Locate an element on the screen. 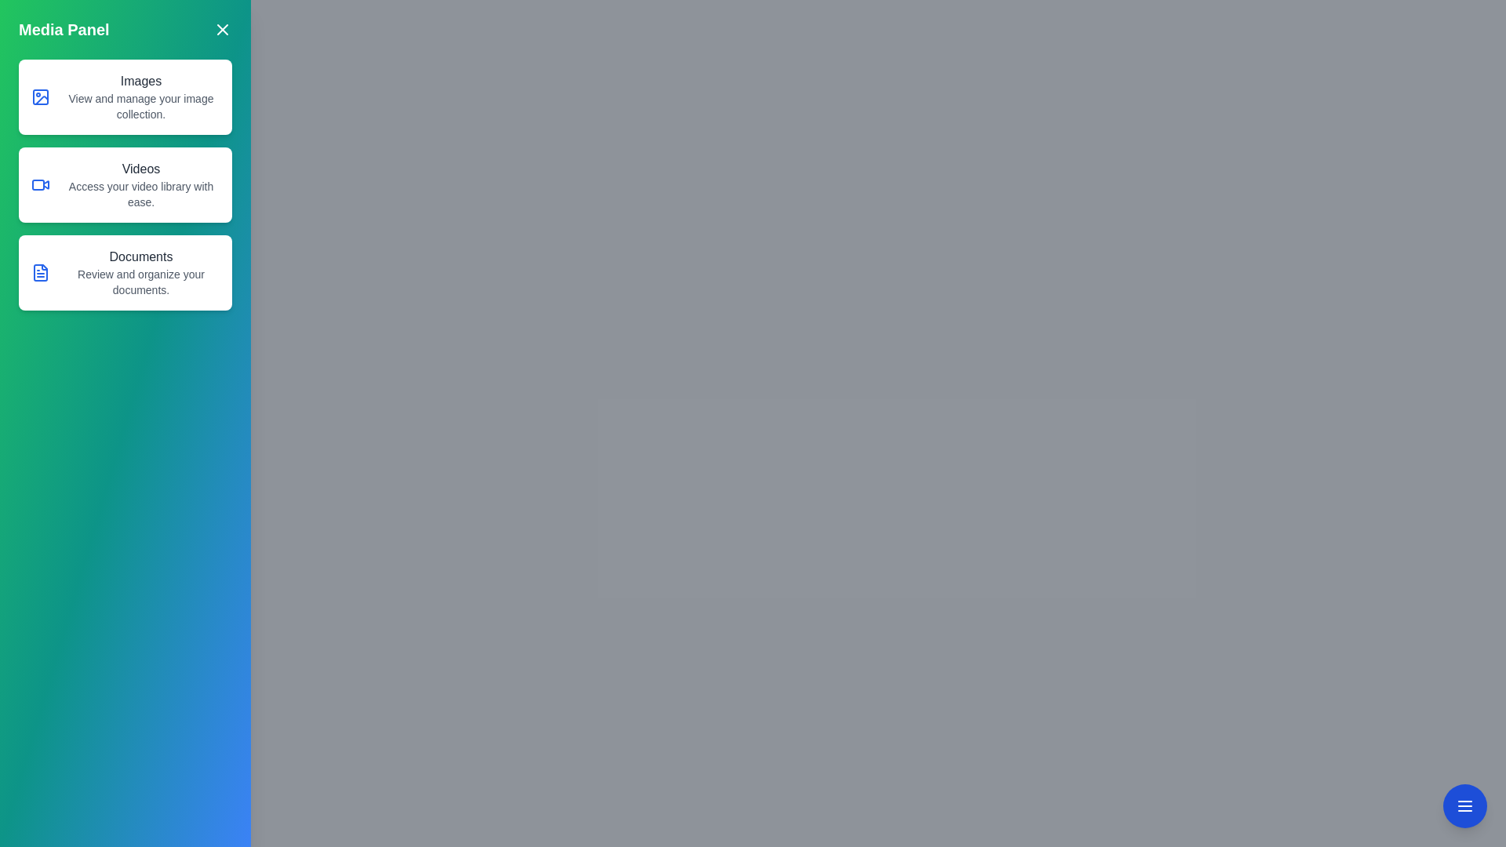  the blue-colored document outline icon located within the 'Documents' card in the left-side panel is located at coordinates (41, 271).